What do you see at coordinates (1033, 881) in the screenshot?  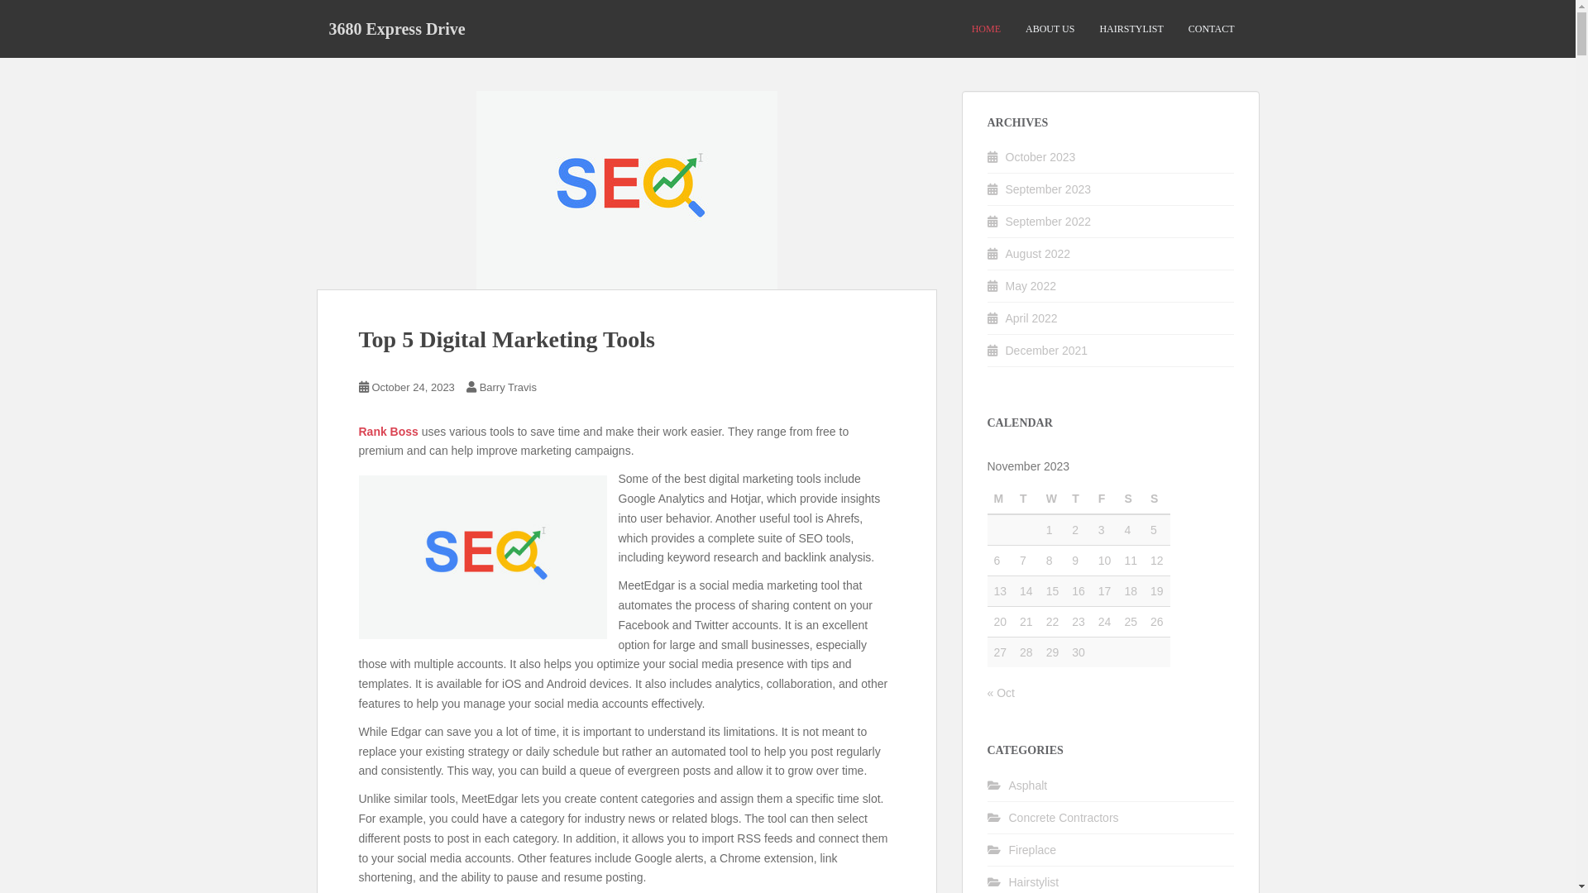 I see `'Hairstylist'` at bounding box center [1033, 881].